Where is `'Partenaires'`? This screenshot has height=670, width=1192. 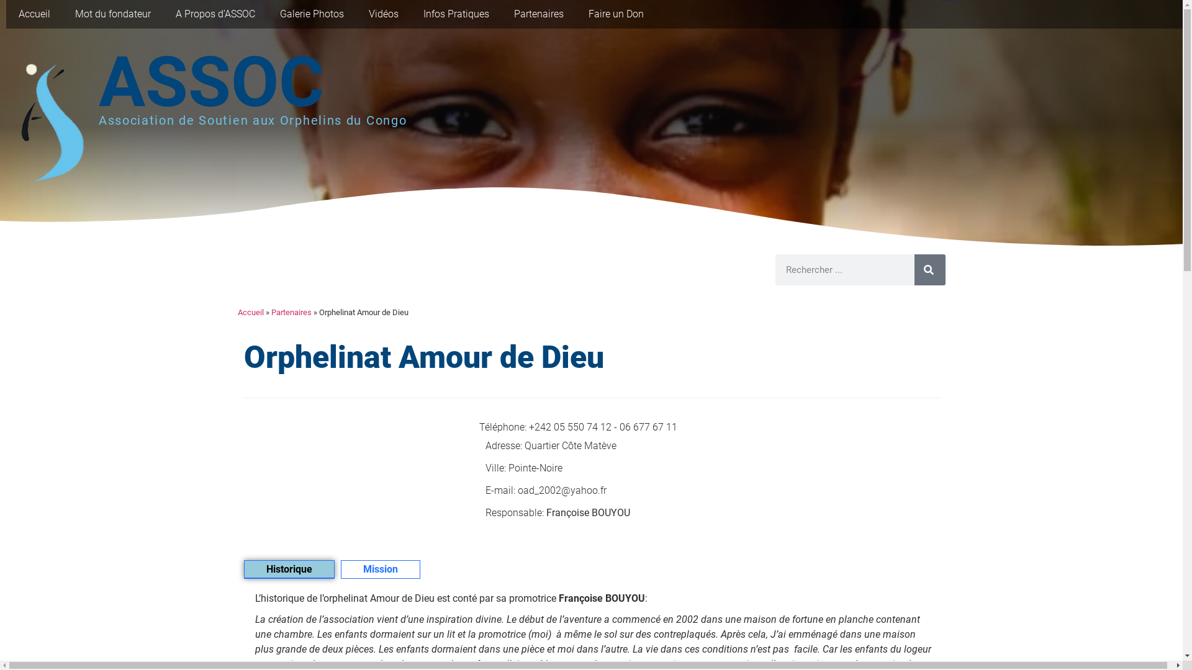
'Partenaires' is located at coordinates (290, 311).